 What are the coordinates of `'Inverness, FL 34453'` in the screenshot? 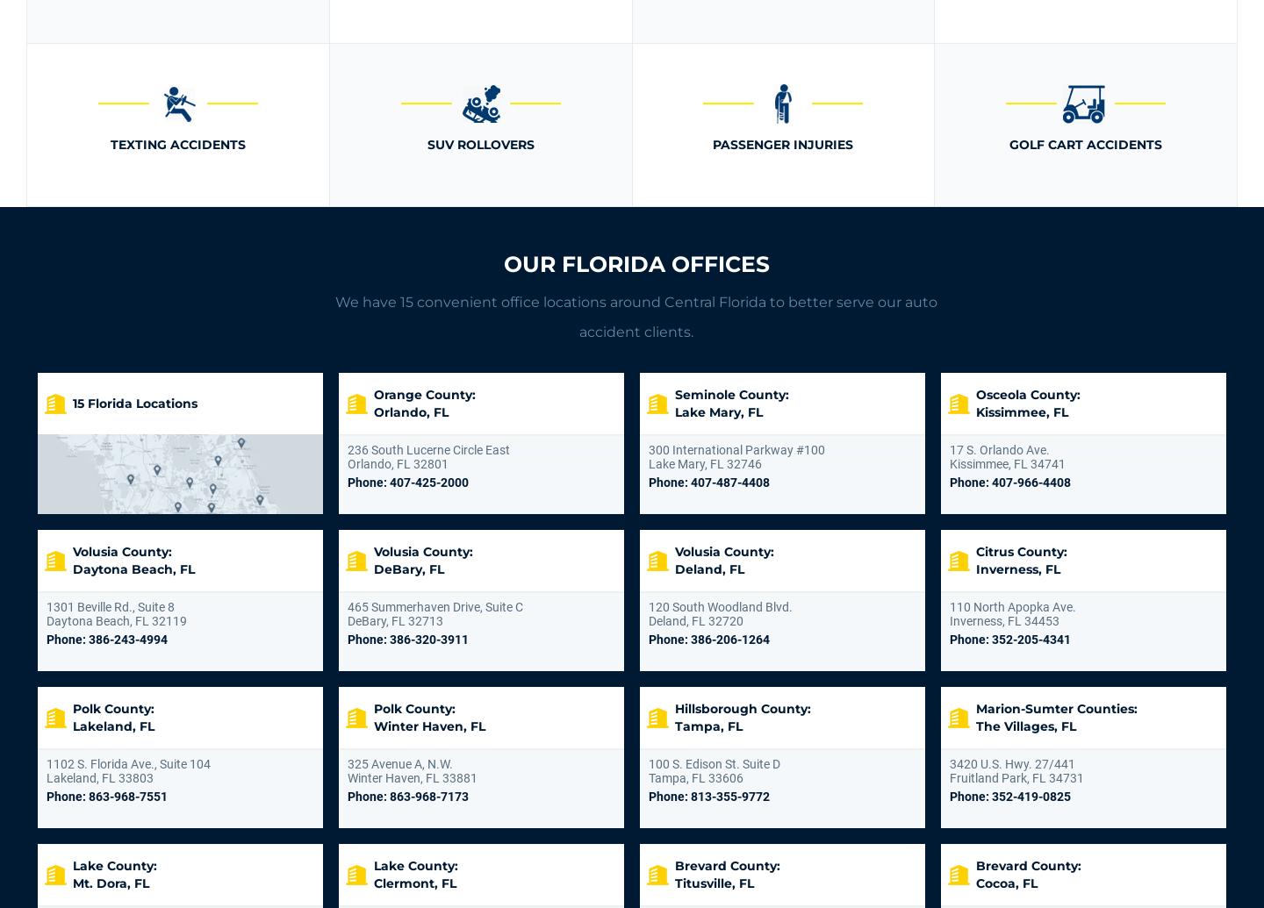 It's located at (1004, 620).